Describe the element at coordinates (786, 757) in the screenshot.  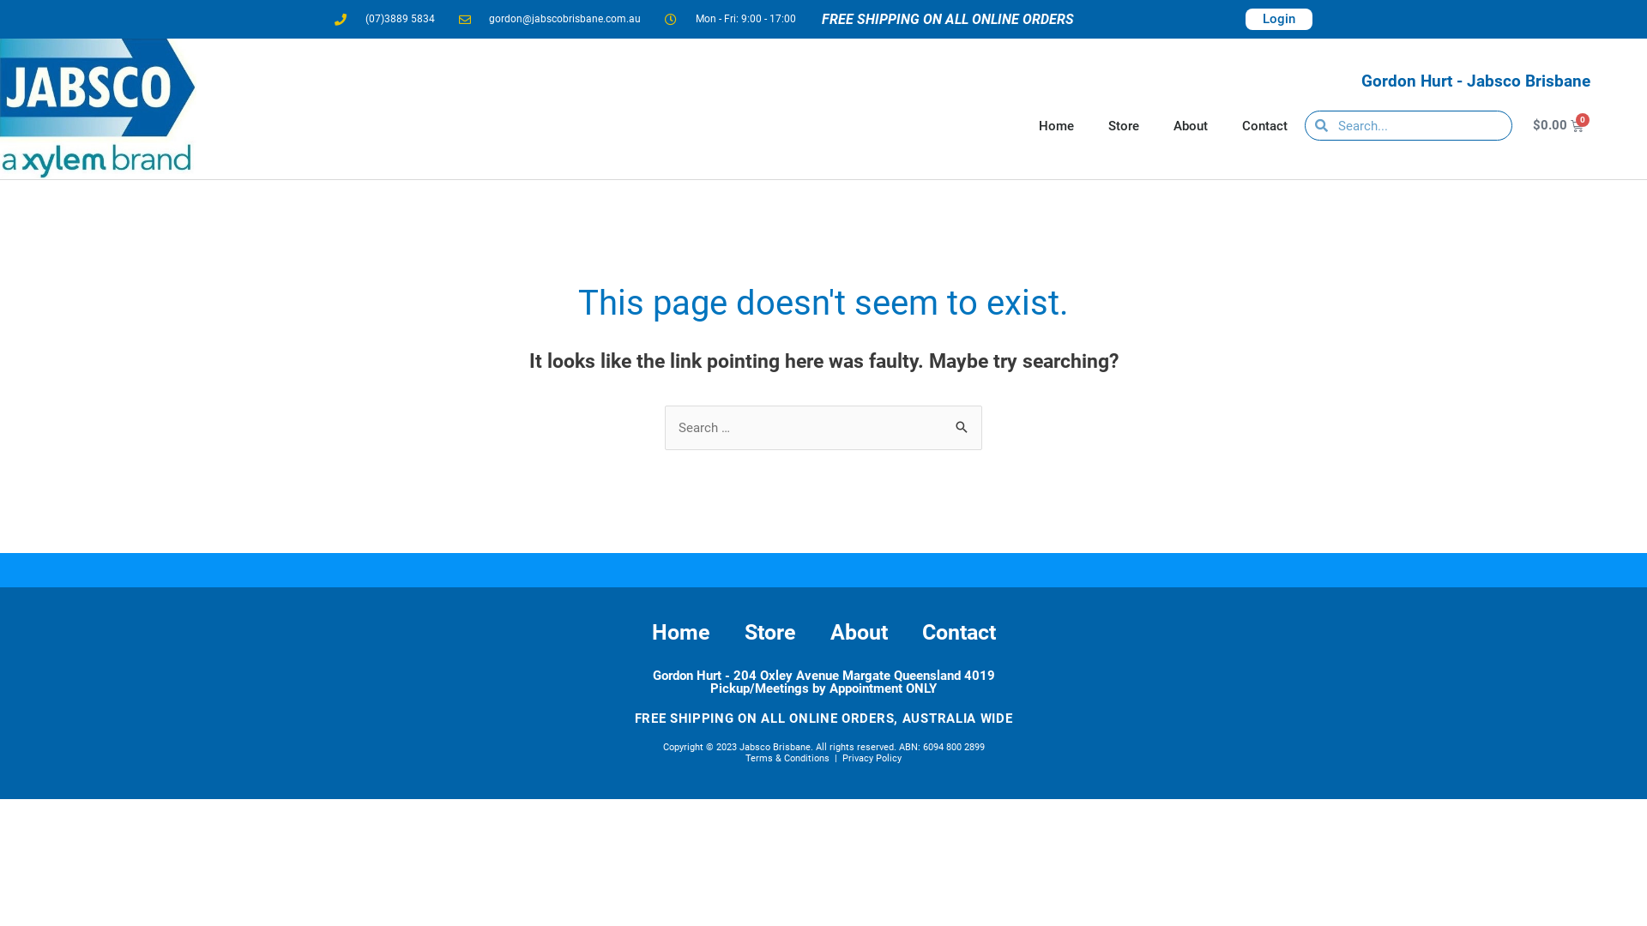
I see `'Terms & Conditions'` at that location.